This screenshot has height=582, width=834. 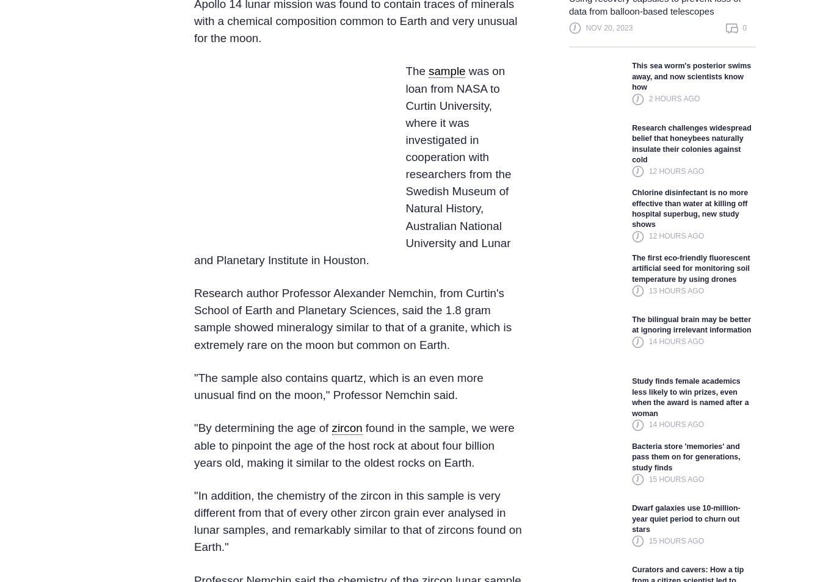 What do you see at coordinates (354, 445) in the screenshot?
I see `'found in the sample, we were able to pinpoint the age of the host rock at about four billion years old, making it similar to the oldest rocks on Earth.'` at bounding box center [354, 445].